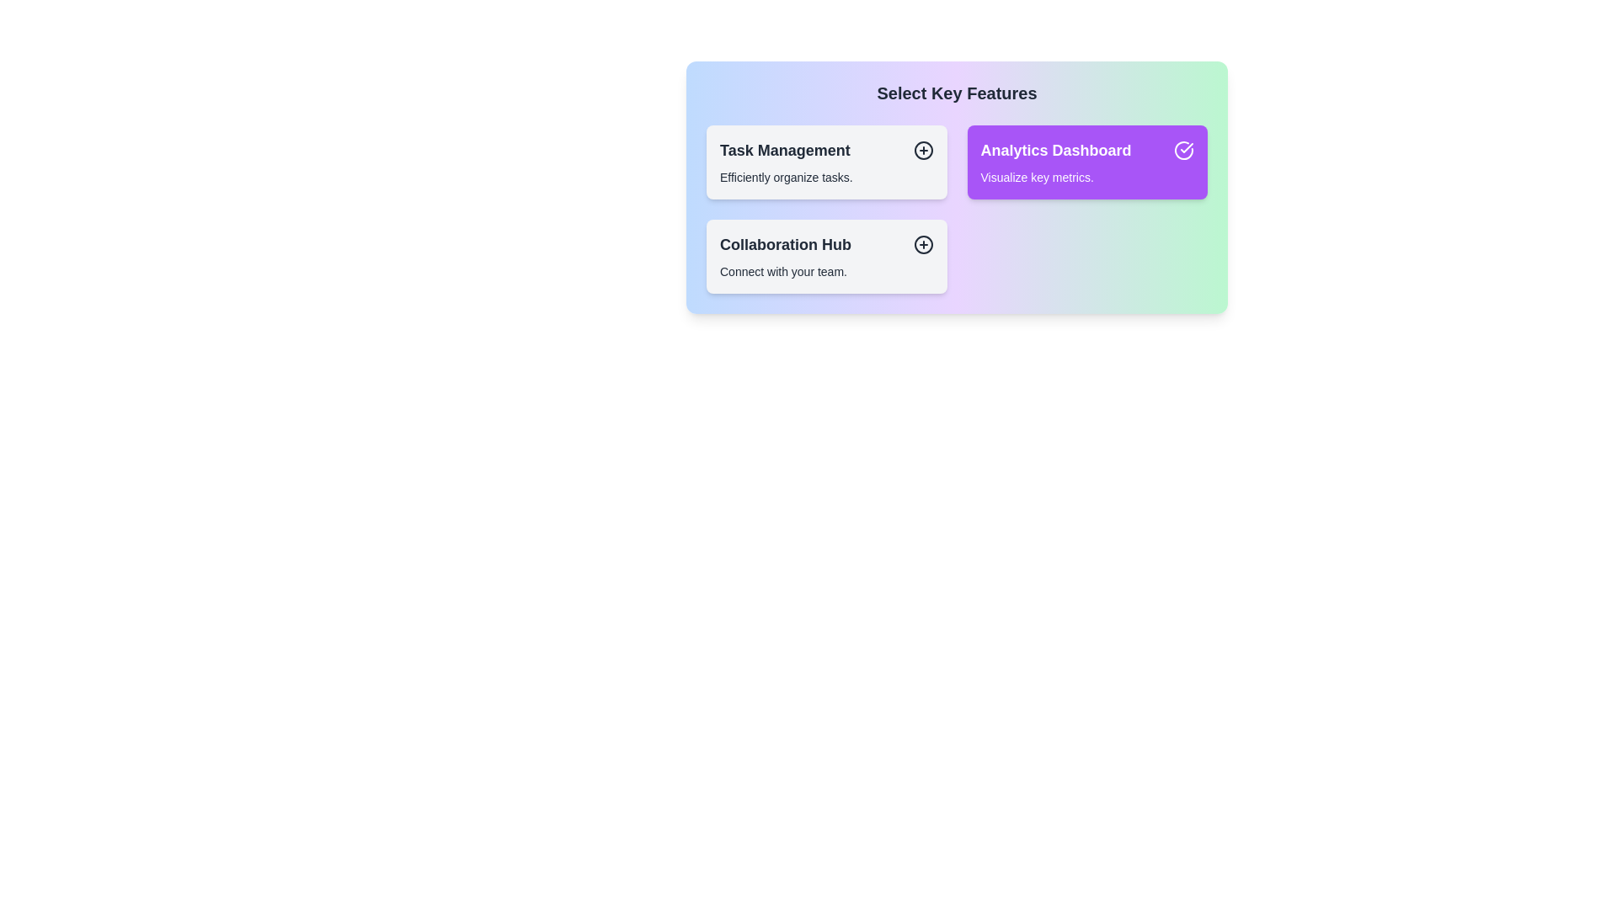 The height and width of the screenshot is (909, 1617). What do you see at coordinates (826, 162) in the screenshot?
I see `the item Task Management` at bounding box center [826, 162].